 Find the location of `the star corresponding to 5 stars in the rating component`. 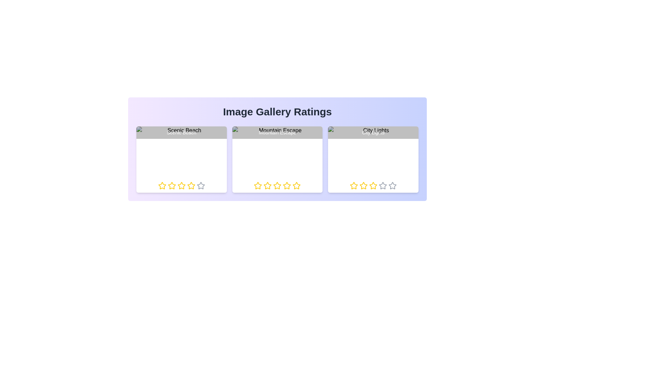

the star corresponding to 5 stars in the rating component is located at coordinates (200, 185).